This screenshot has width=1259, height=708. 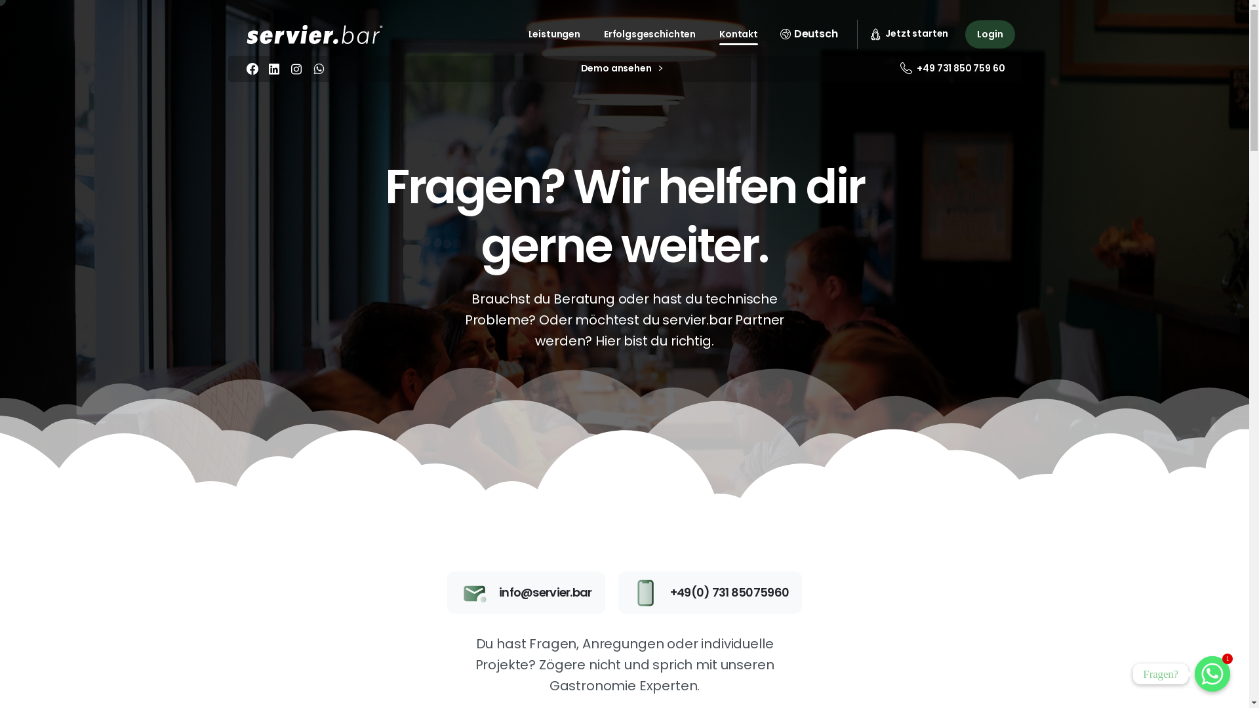 What do you see at coordinates (621, 68) in the screenshot?
I see `'Demo ansehen'` at bounding box center [621, 68].